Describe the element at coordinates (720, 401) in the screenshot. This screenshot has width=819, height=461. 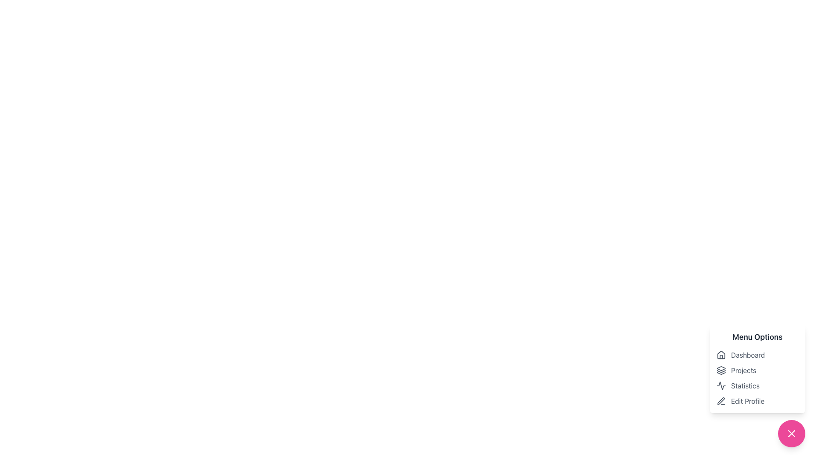
I see `the 'Edit Profile' icon located in the vertical menu on the right side of the interface, preceding the label 'Edit Profile'` at that location.